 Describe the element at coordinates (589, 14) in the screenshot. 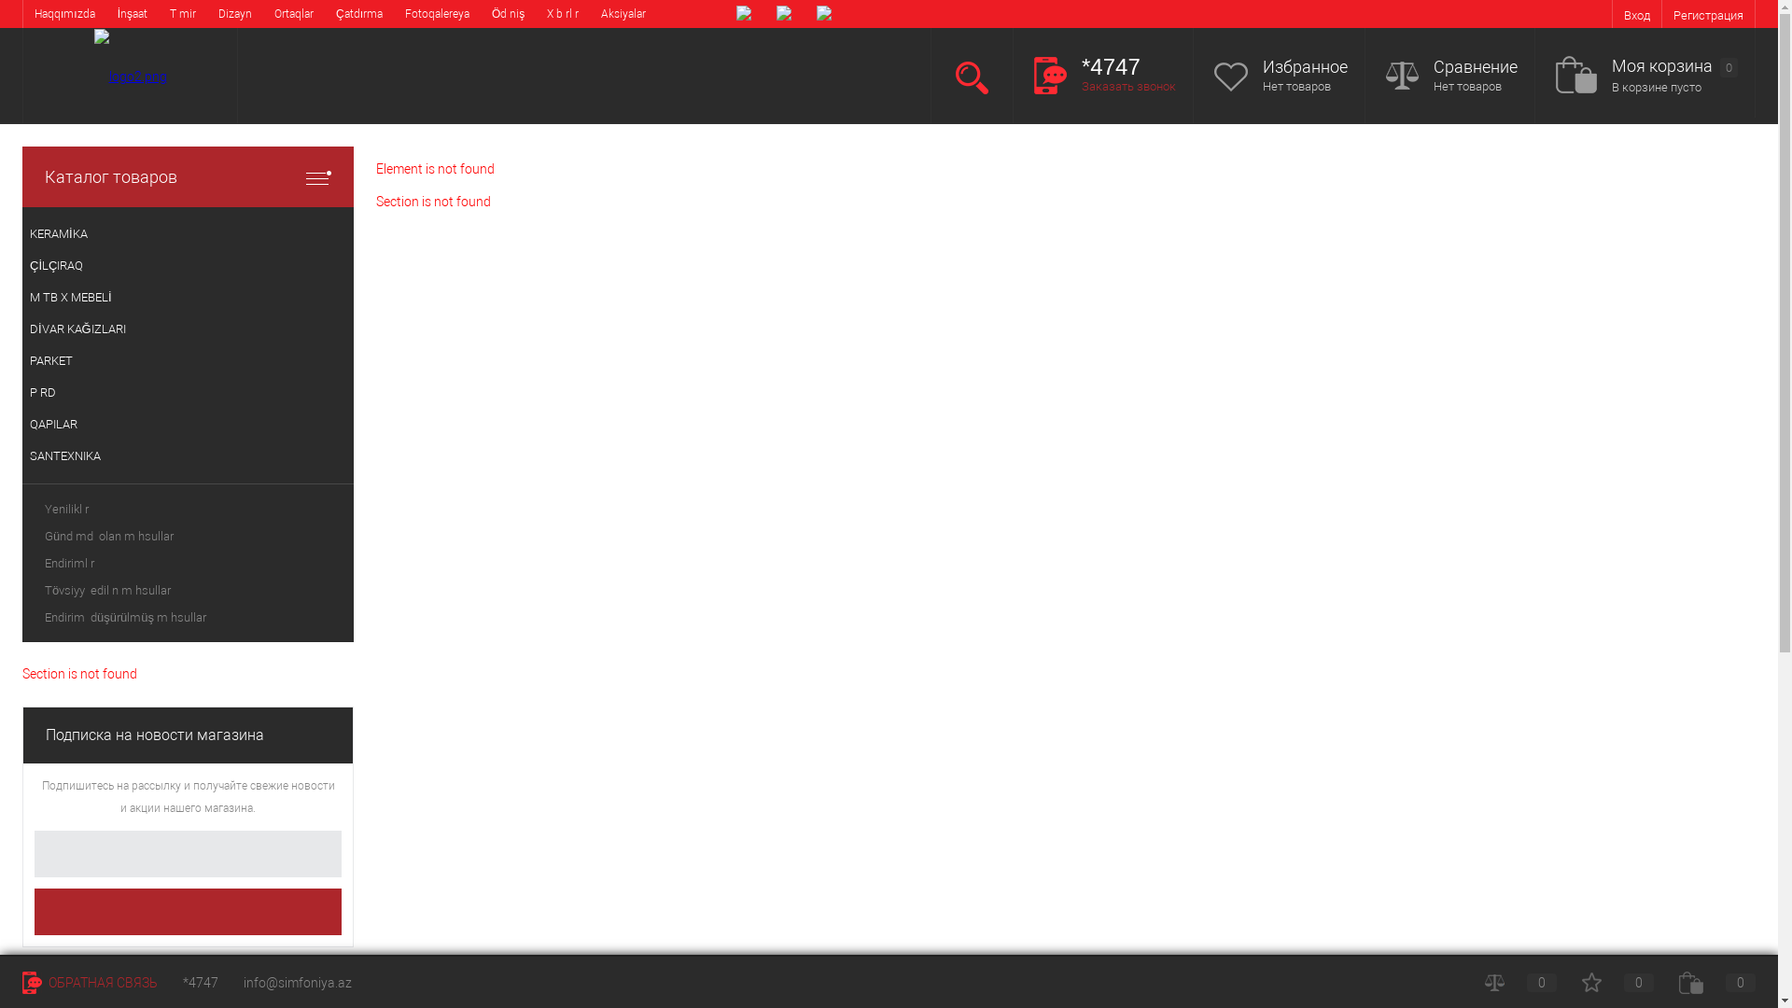

I see `'Aksiyalar'` at that location.